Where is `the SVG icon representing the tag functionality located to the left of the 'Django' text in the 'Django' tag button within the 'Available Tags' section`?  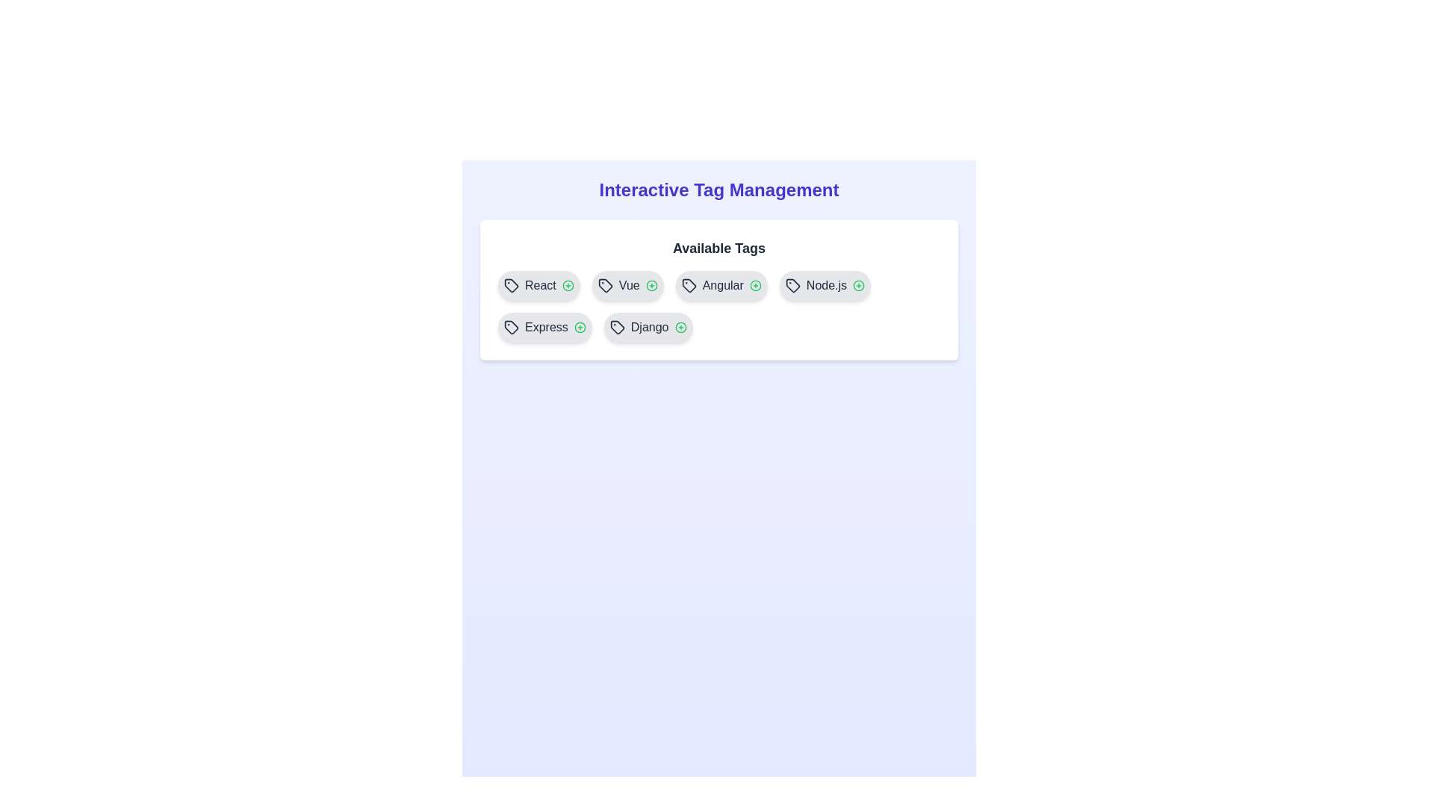
the SVG icon representing the tag functionality located to the left of the 'Django' text in the 'Django' tag button within the 'Available Tags' section is located at coordinates (617, 327).